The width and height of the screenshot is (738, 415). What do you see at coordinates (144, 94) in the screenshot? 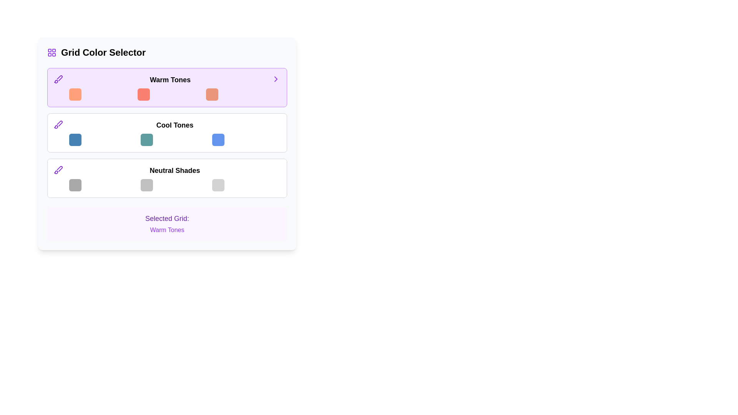
I see `the vibrant salmon color box in the 'Warm Tones' section of the 'Grid Color Selector'` at bounding box center [144, 94].